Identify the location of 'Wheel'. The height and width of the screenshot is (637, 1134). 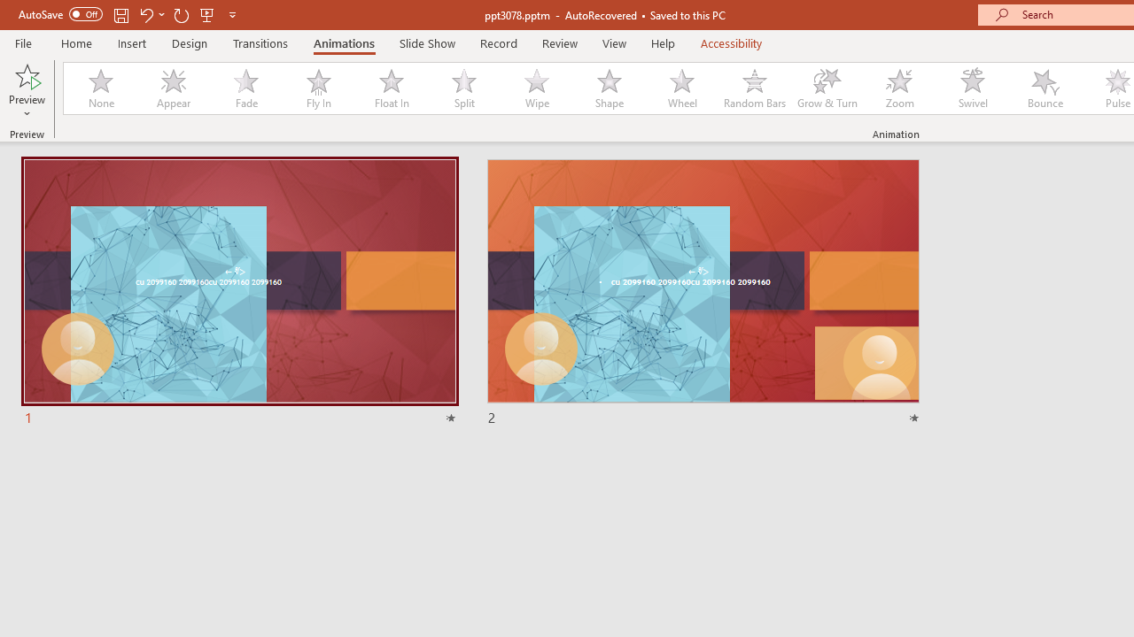
(681, 88).